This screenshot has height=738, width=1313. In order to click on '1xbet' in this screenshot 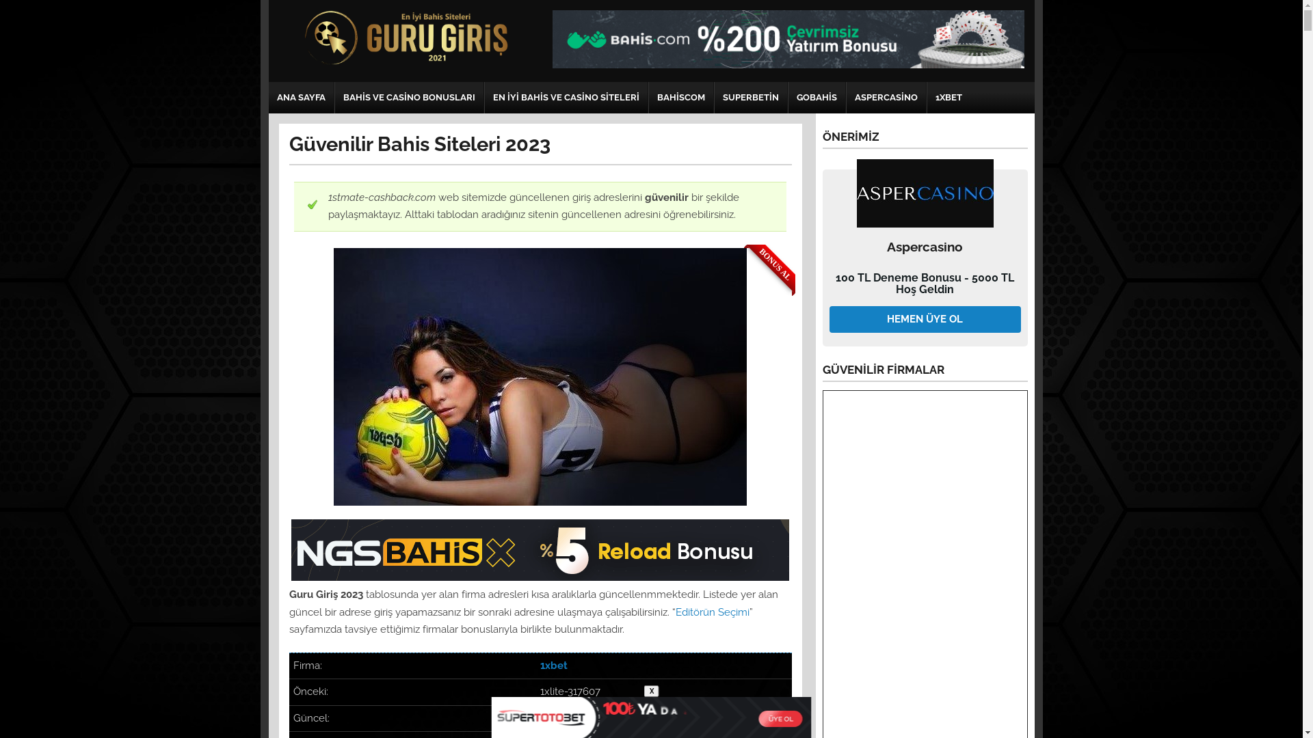, I will do `click(554, 665)`.